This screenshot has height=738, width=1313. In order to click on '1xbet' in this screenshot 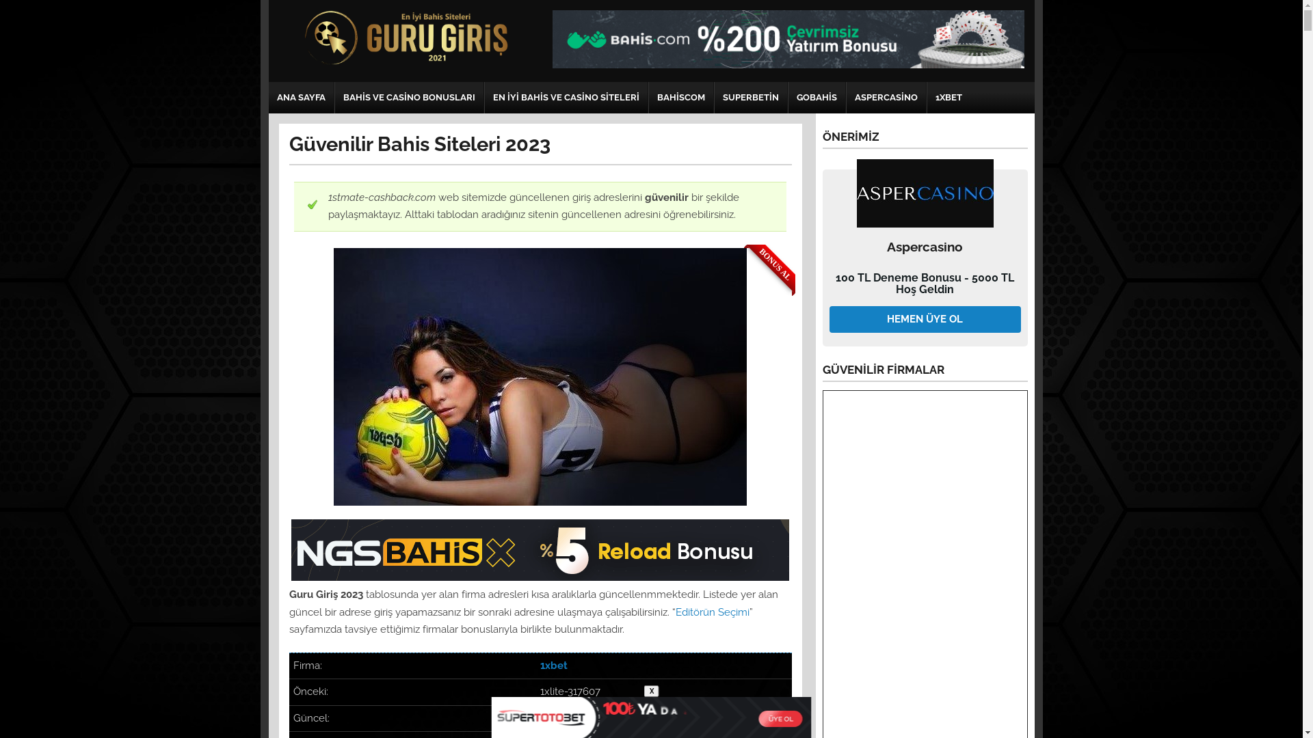, I will do `click(554, 665)`.